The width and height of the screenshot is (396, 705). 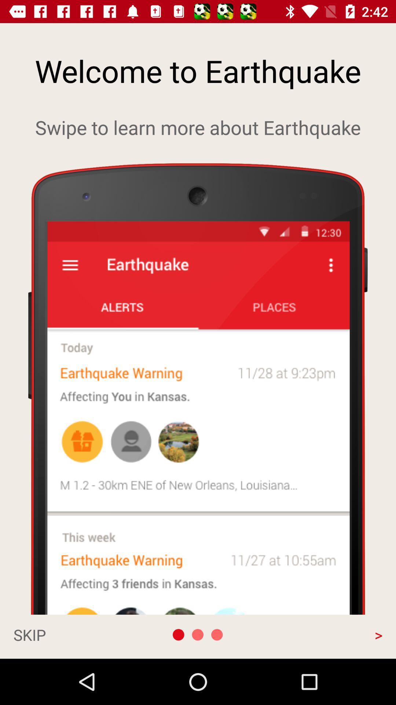 What do you see at coordinates (68, 634) in the screenshot?
I see `the skip app` at bounding box center [68, 634].